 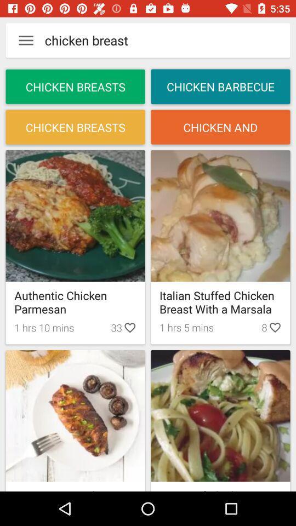 What do you see at coordinates (75, 247) in the screenshot?
I see `the first frame in the first row` at bounding box center [75, 247].